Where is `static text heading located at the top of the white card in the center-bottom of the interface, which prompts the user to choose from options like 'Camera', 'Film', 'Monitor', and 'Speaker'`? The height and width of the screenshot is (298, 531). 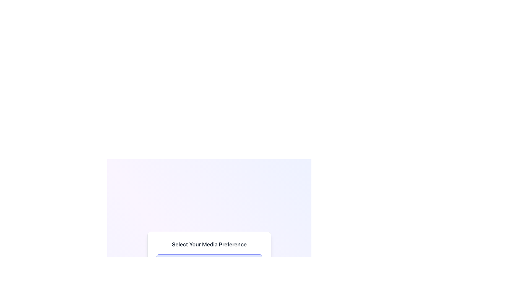 static text heading located at the top of the white card in the center-bottom of the interface, which prompts the user to choose from options like 'Camera', 'Film', 'Monitor', and 'Speaker' is located at coordinates (209, 244).